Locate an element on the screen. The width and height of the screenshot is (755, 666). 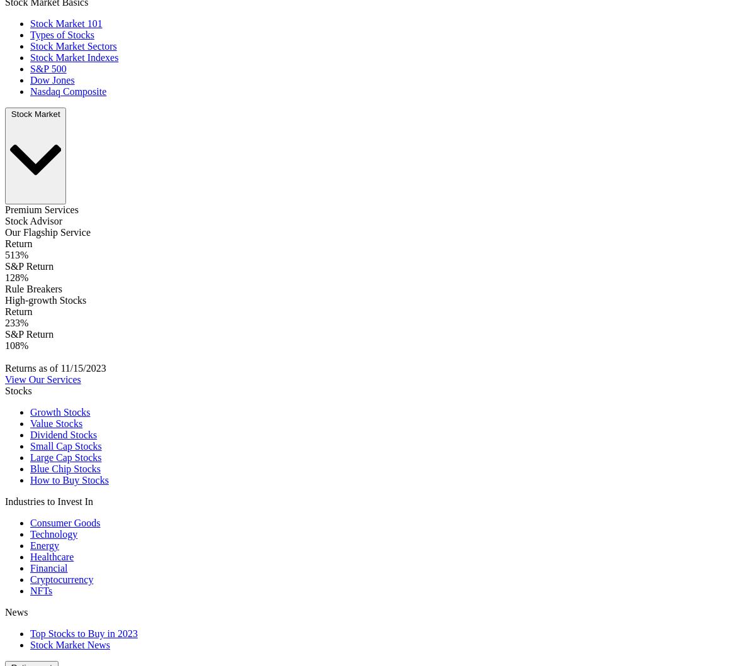
'Types of Stocks' is located at coordinates (62, 35).